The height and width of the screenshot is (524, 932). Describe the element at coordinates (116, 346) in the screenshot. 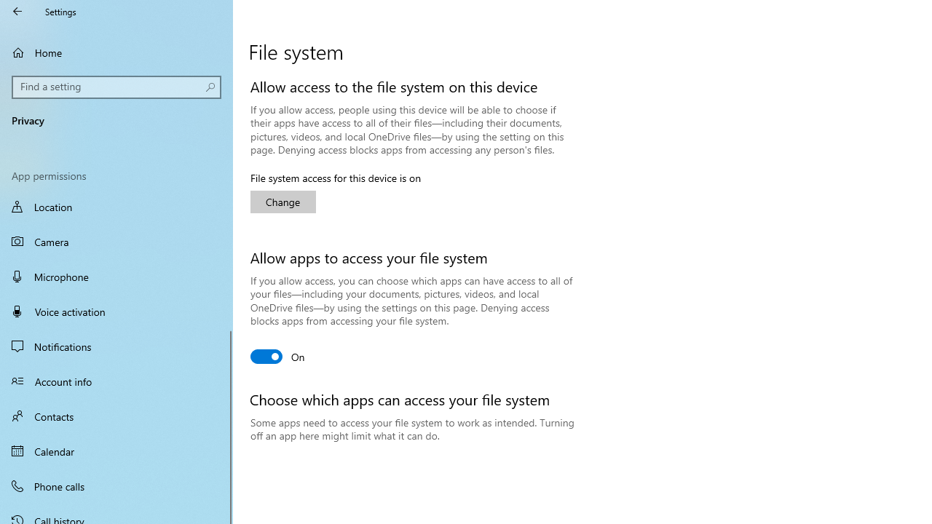

I see `'Notifications'` at that location.